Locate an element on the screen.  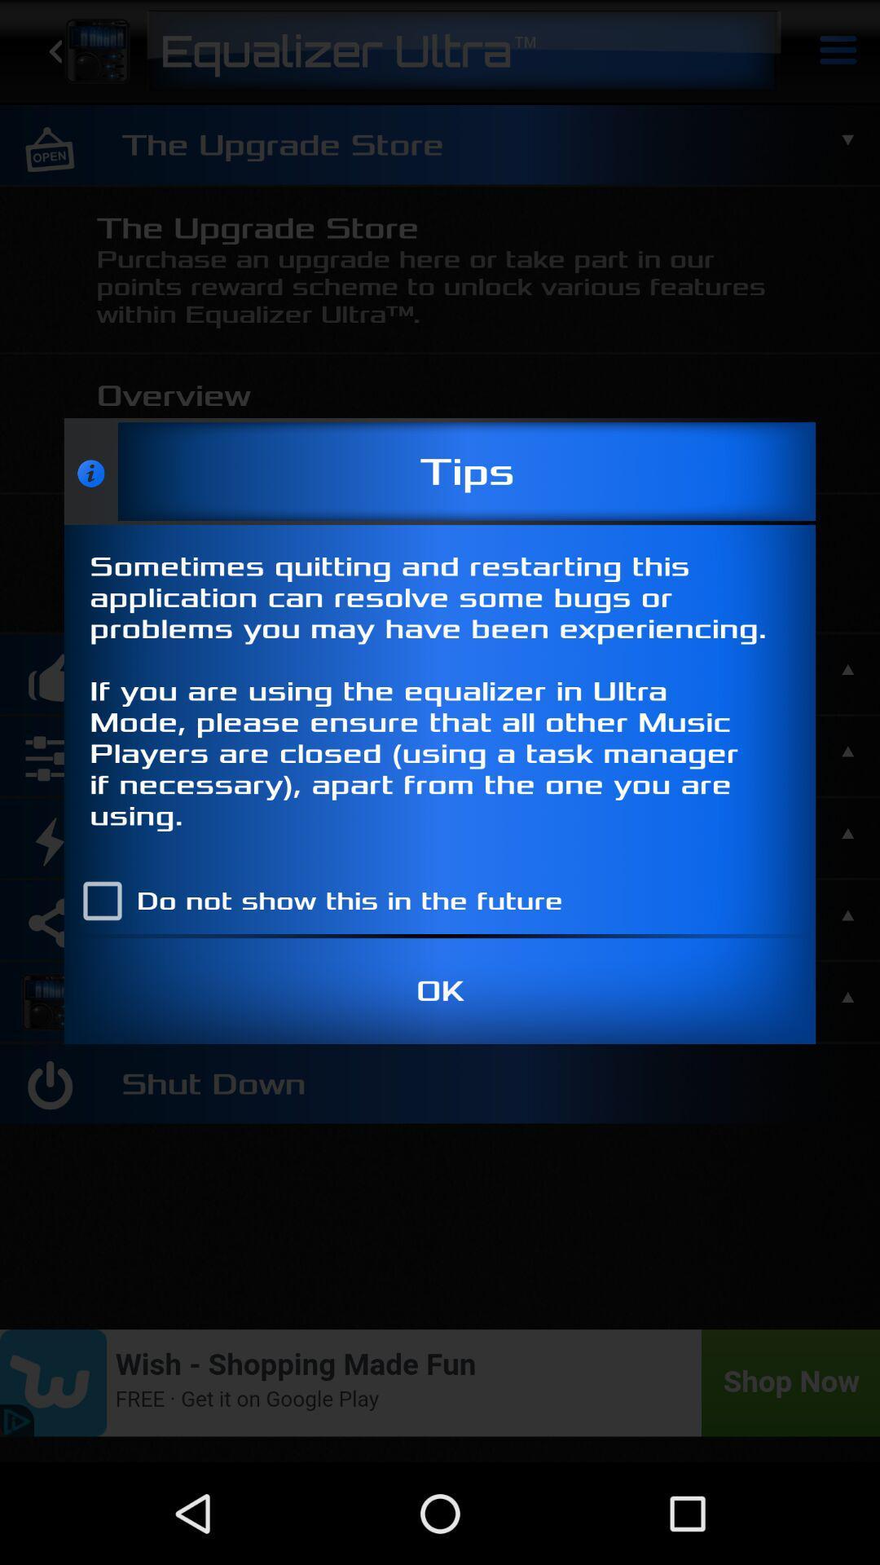
icon below the tips item is located at coordinates (440, 696).